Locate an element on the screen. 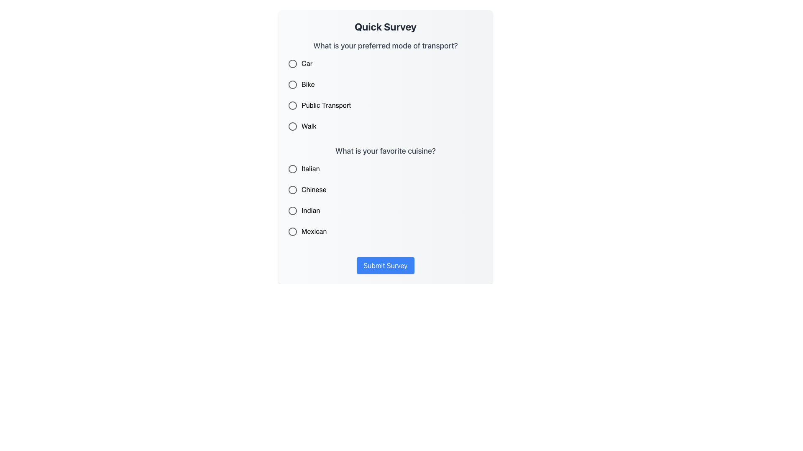  the radio button for 'Indian' cuisine is located at coordinates (293, 210).